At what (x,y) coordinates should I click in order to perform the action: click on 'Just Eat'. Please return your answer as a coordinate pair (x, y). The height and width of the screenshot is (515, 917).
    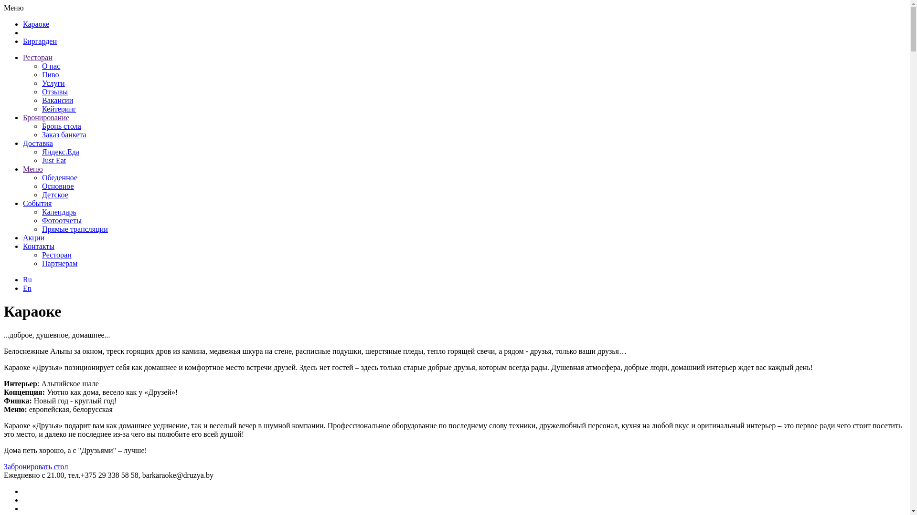
    Looking at the image, I should click on (53, 160).